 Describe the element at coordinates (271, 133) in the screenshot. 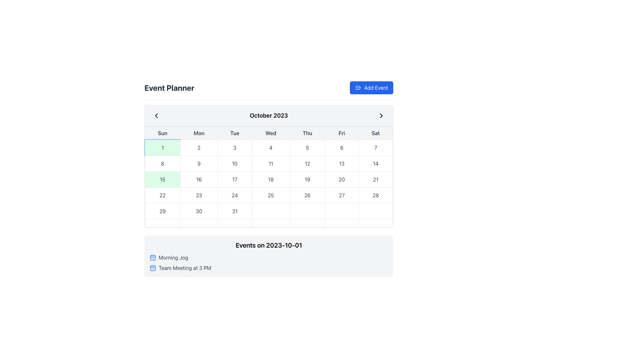

I see `the bold text label representing 'Wed' in the calendar header, which is the fourth item in a sequence of days from 'Sun' to 'Sat'` at that location.